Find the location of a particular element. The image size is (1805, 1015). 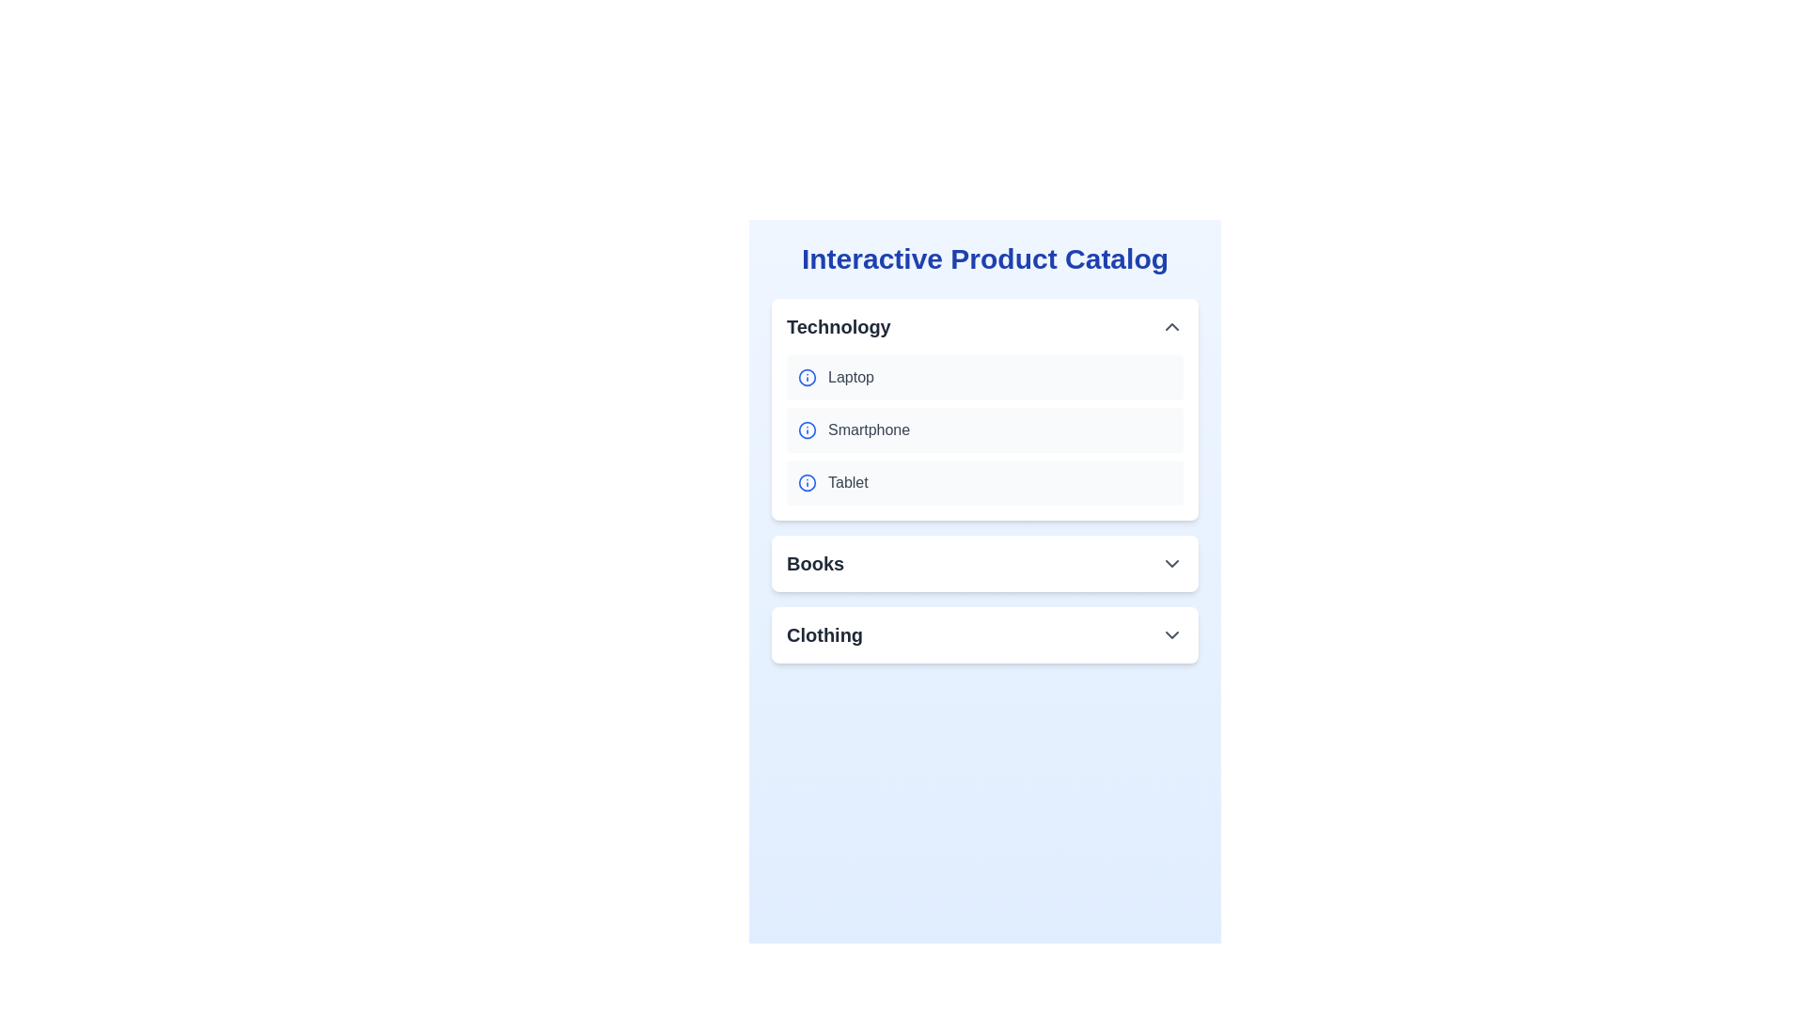

the Dropdown trigger for the Clothing category is located at coordinates (983, 634).